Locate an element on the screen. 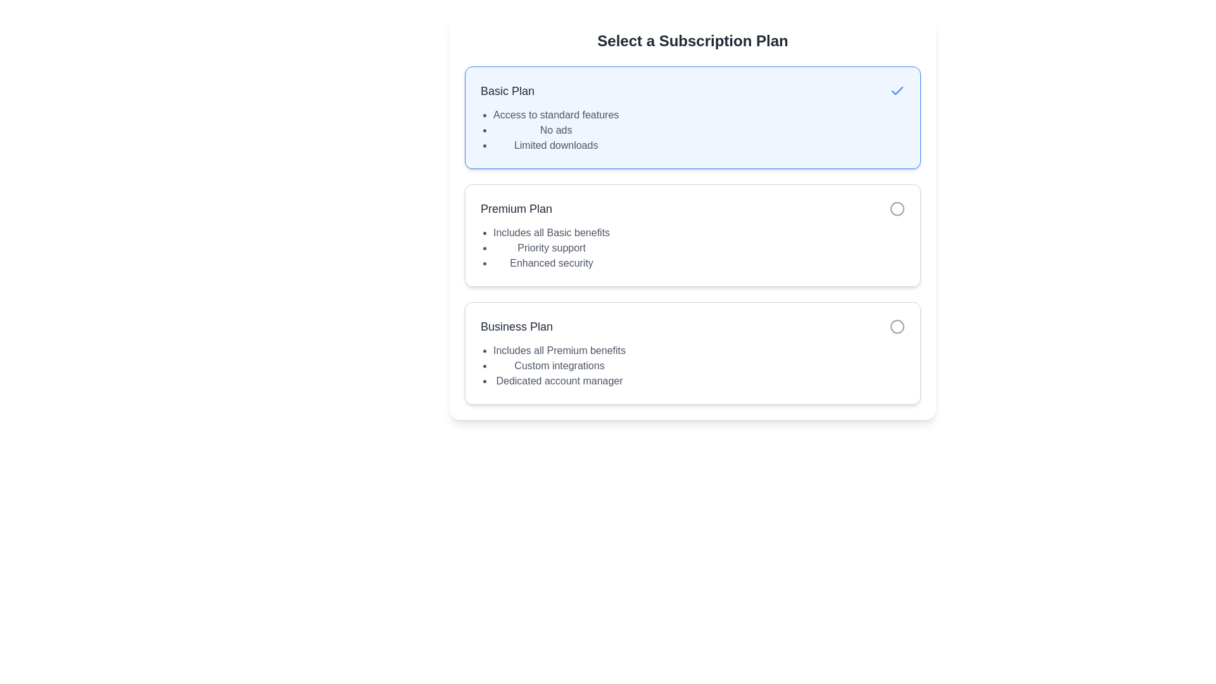 This screenshot has height=684, width=1216. the text label displaying 'Custom integrations' in the 'Business Plan' section, which is styled in grey and is the second item in a bullet-point list is located at coordinates (559, 366).